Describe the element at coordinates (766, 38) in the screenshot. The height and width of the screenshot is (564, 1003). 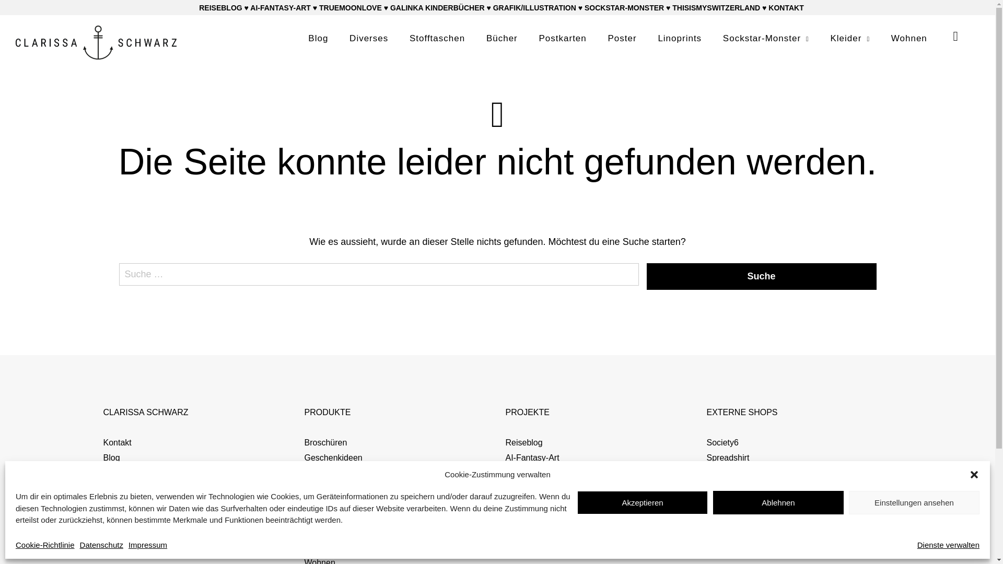
I see `'Sockstar-Monster'` at that location.